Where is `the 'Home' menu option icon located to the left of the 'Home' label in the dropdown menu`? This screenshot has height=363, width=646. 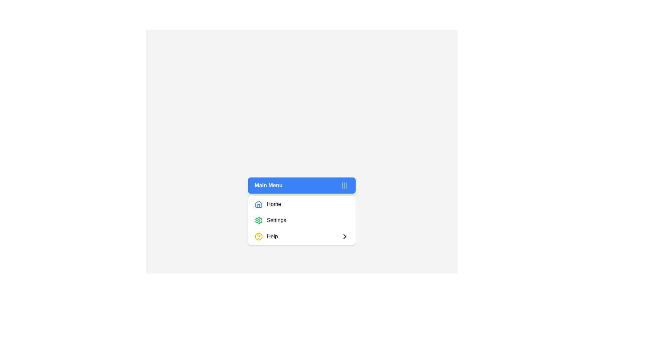
the 'Home' menu option icon located to the left of the 'Home' label in the dropdown menu is located at coordinates (258, 203).